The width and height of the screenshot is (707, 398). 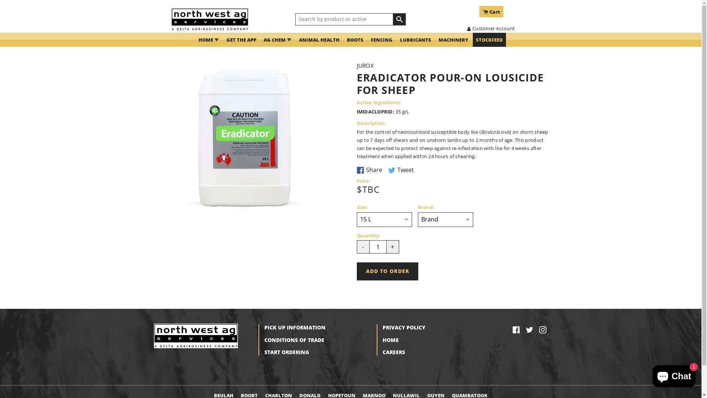 What do you see at coordinates (490, 28) in the screenshot?
I see `'Customer Account'` at bounding box center [490, 28].